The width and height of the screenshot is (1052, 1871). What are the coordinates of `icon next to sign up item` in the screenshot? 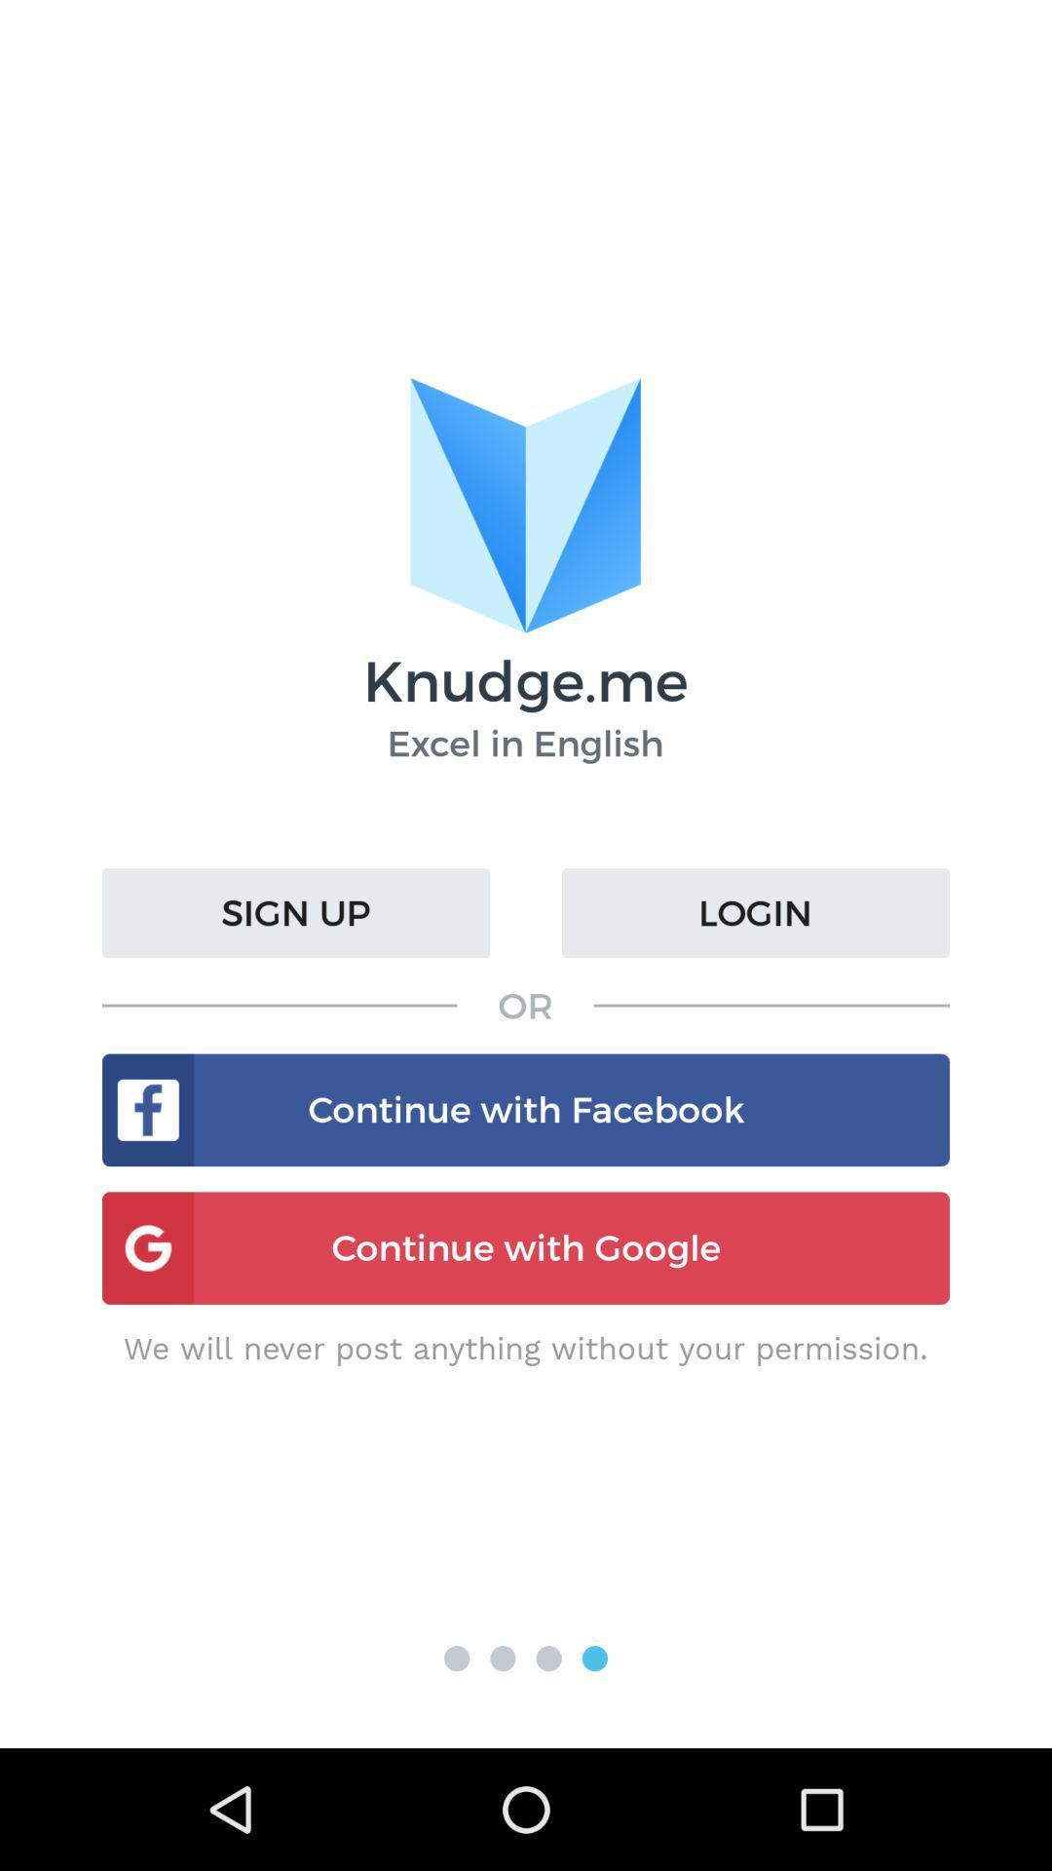 It's located at (754, 912).